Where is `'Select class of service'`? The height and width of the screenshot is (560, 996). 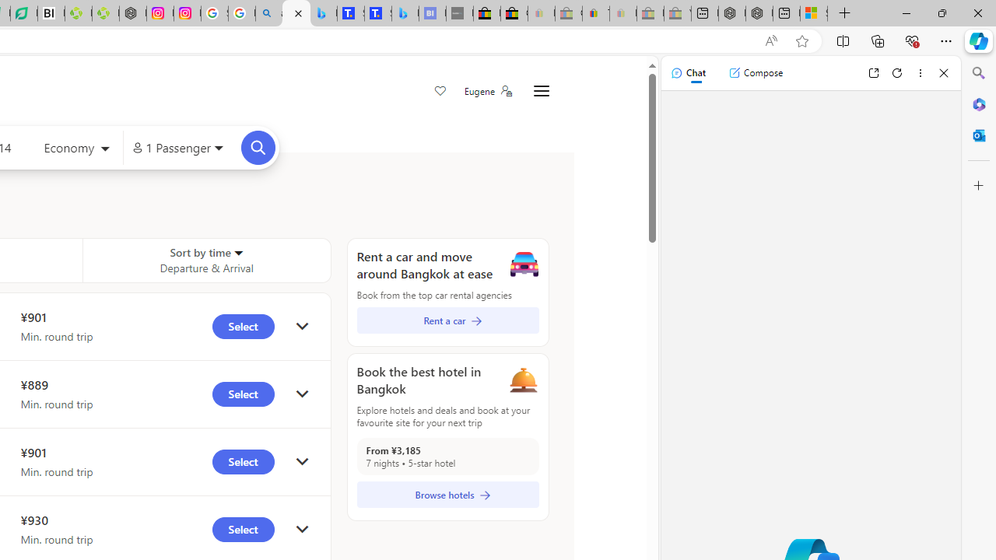
'Select class of service' is located at coordinates (76, 149).